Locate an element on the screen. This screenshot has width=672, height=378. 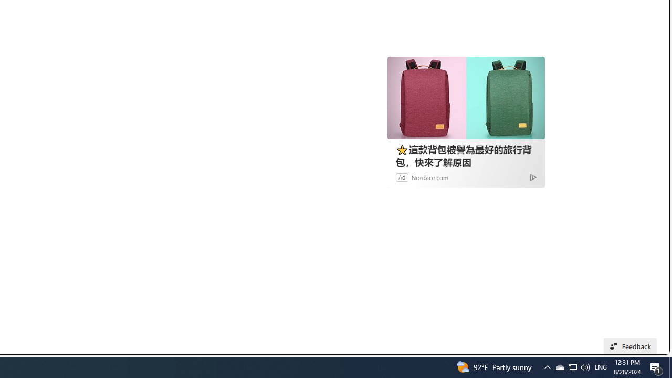
'Feedback' is located at coordinates (630, 346).